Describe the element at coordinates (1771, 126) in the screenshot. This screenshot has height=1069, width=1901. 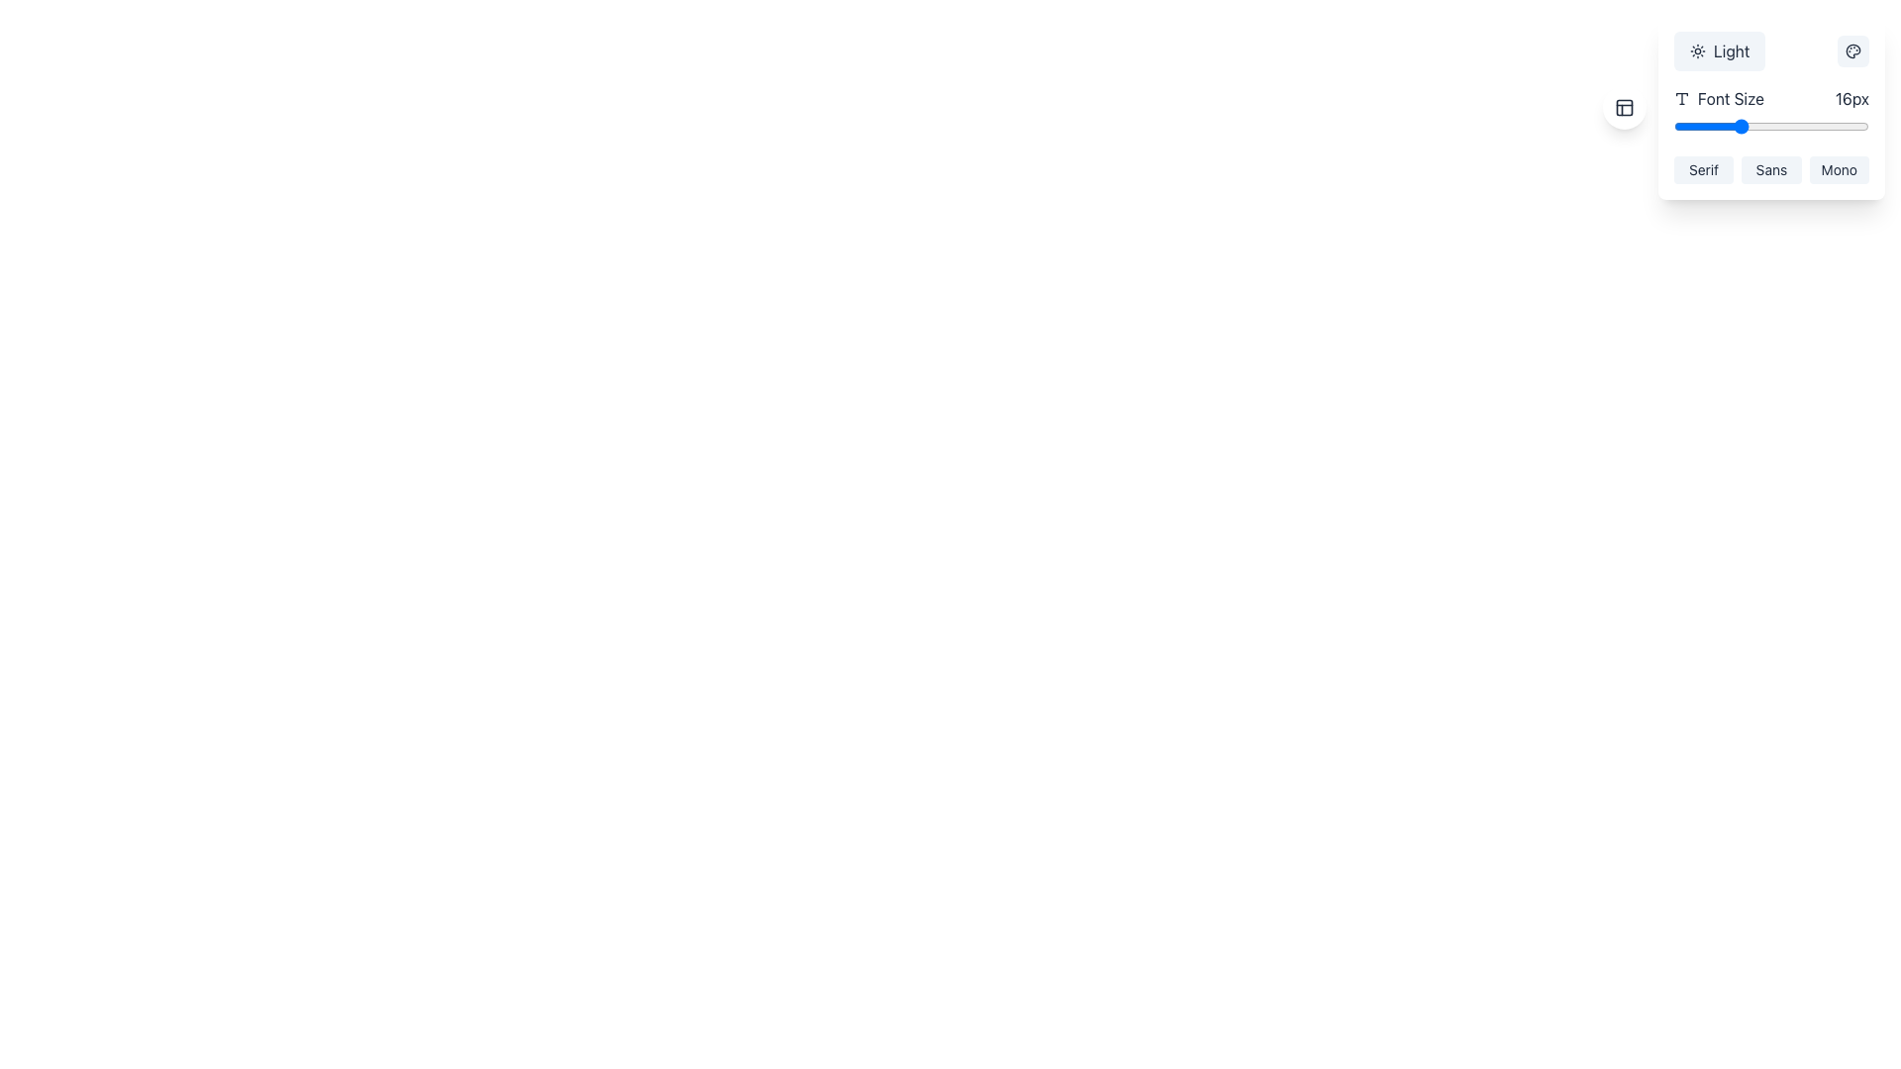
I see `font size` at that location.